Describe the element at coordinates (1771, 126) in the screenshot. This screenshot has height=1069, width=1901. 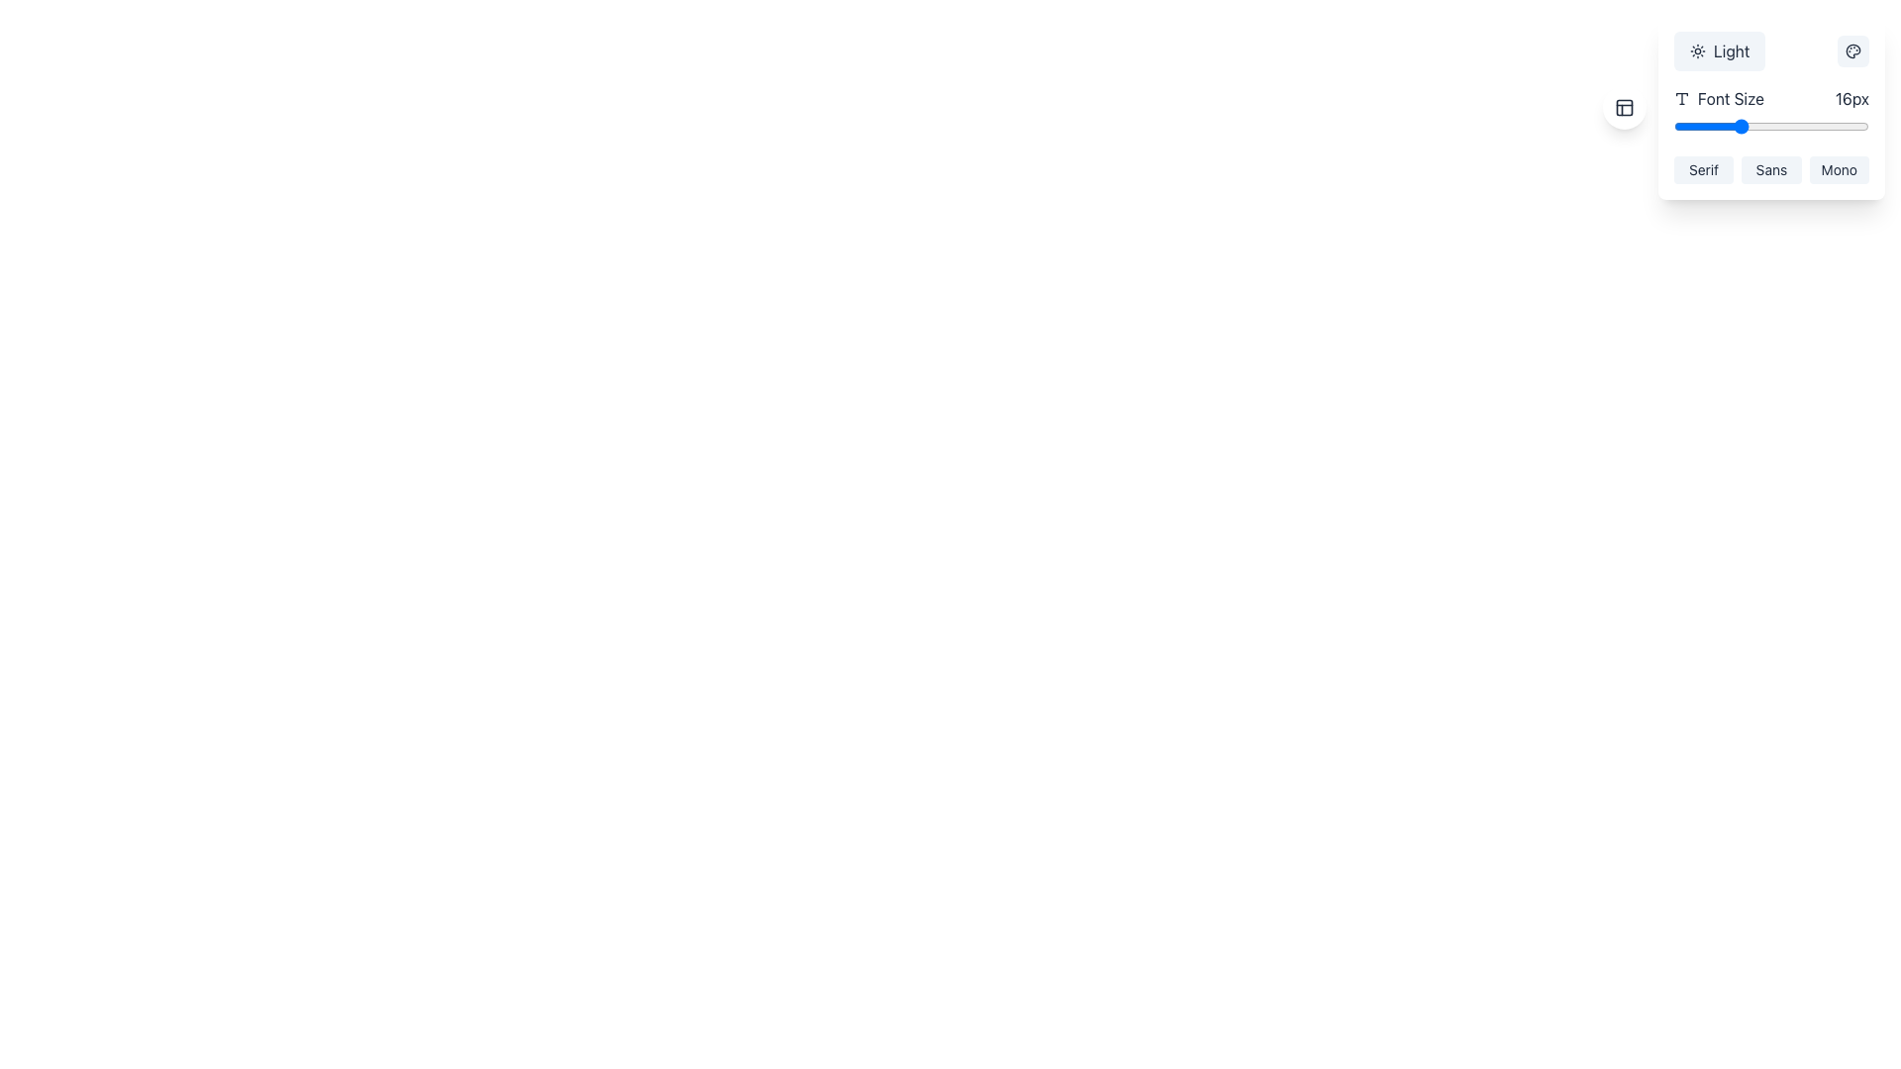
I see `font size` at that location.